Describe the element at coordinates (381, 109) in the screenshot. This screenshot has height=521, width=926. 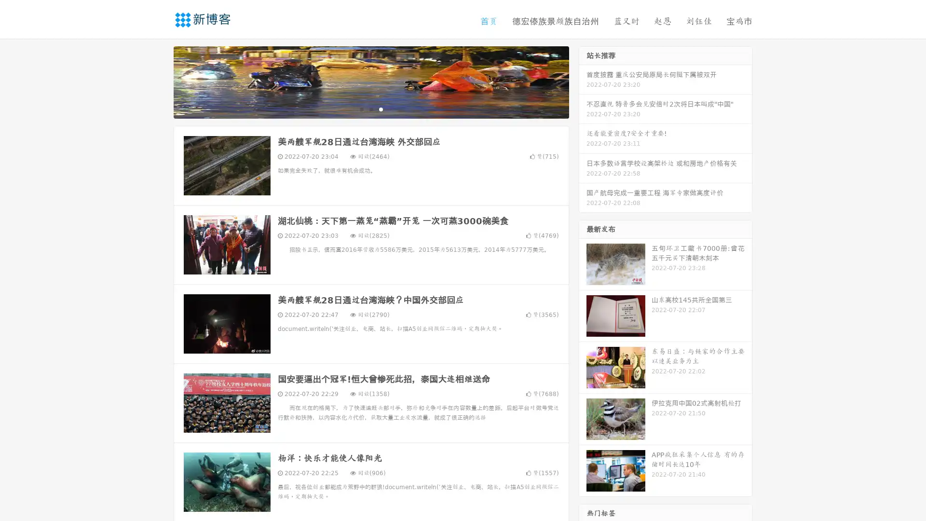
I see `Go to slide 3` at that location.